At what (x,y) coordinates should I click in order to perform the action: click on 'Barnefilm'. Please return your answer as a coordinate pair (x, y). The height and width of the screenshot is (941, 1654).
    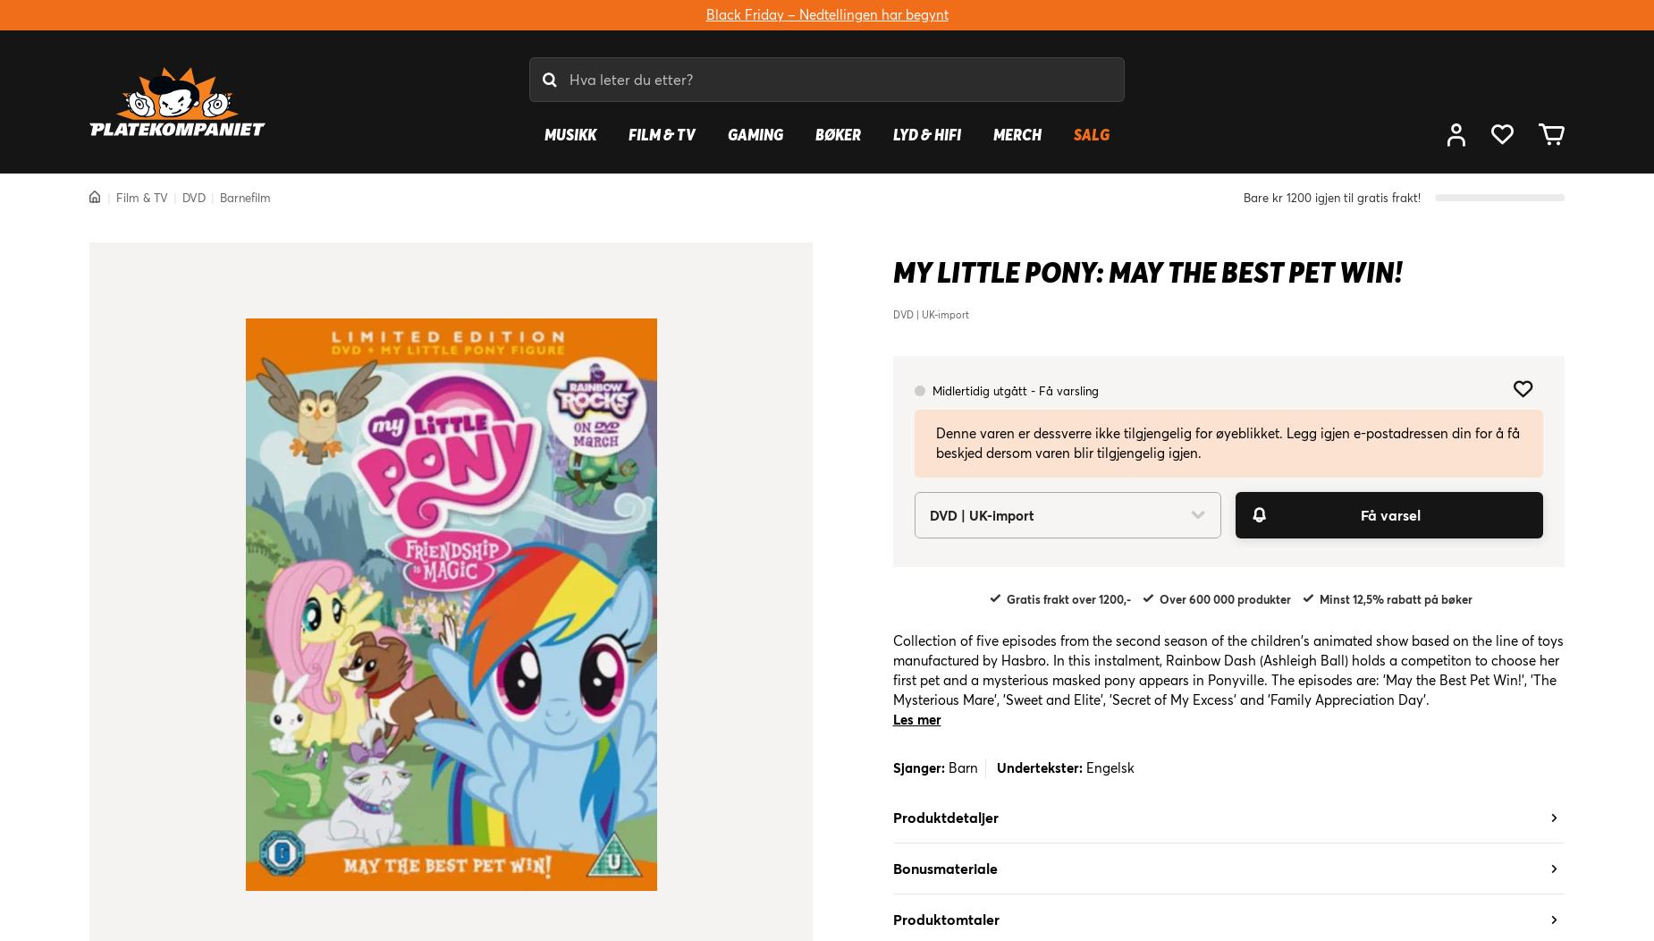
    Looking at the image, I should click on (219, 197).